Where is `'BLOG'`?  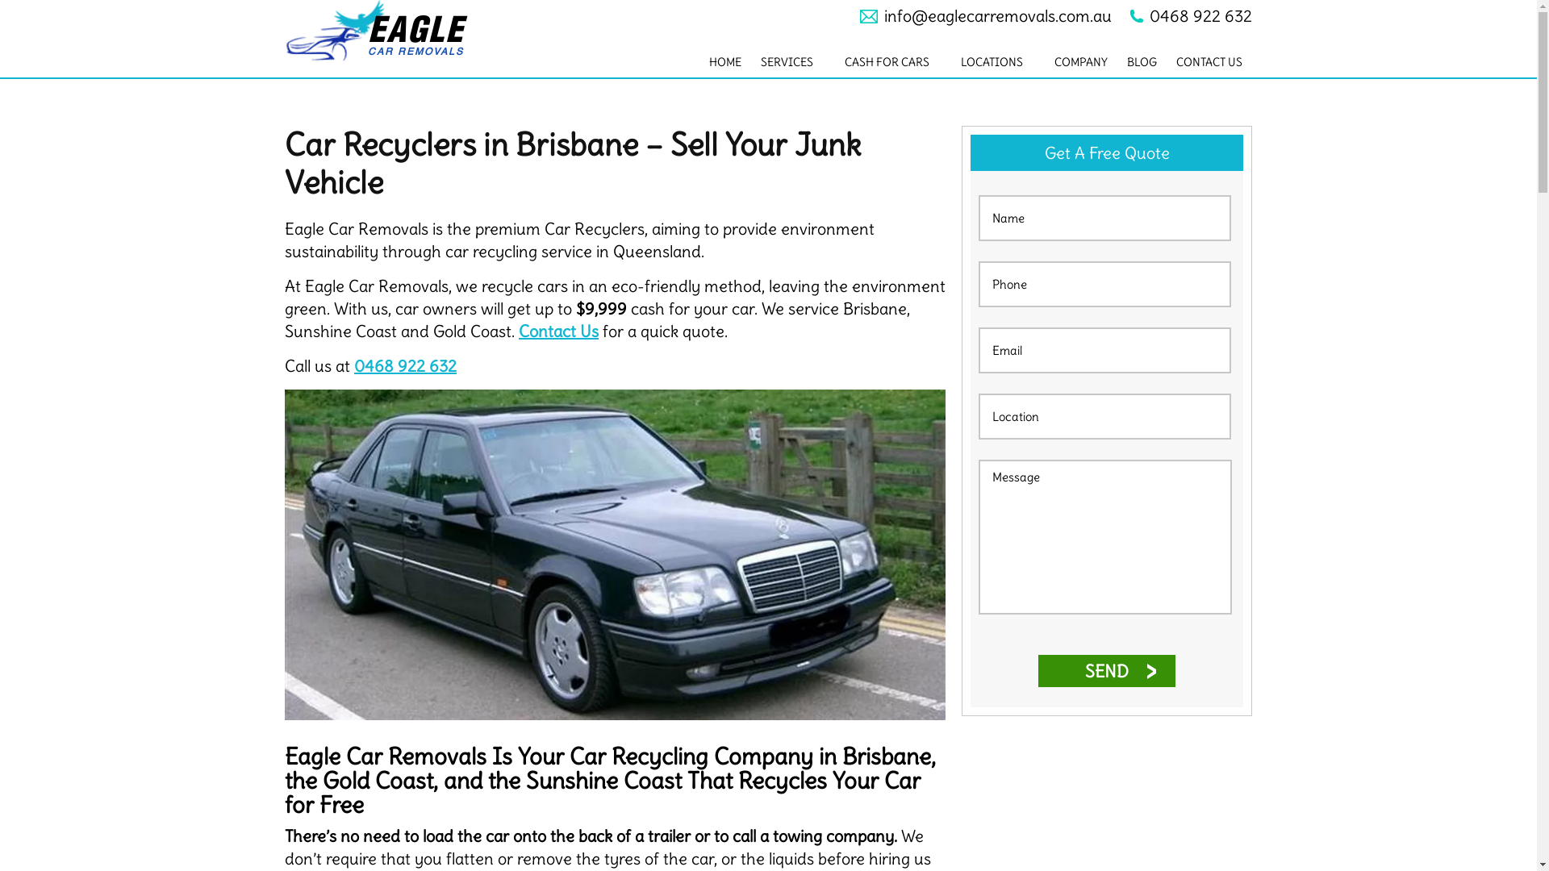 'BLOG' is located at coordinates (1117, 61).